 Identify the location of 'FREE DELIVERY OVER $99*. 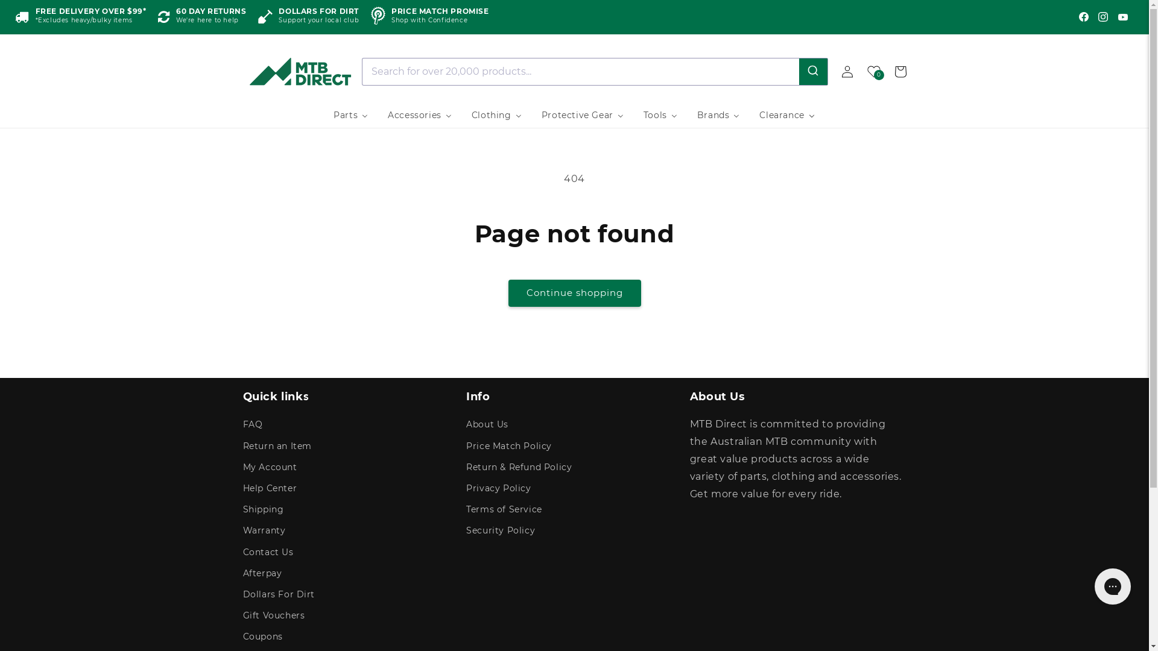
(14, 17).